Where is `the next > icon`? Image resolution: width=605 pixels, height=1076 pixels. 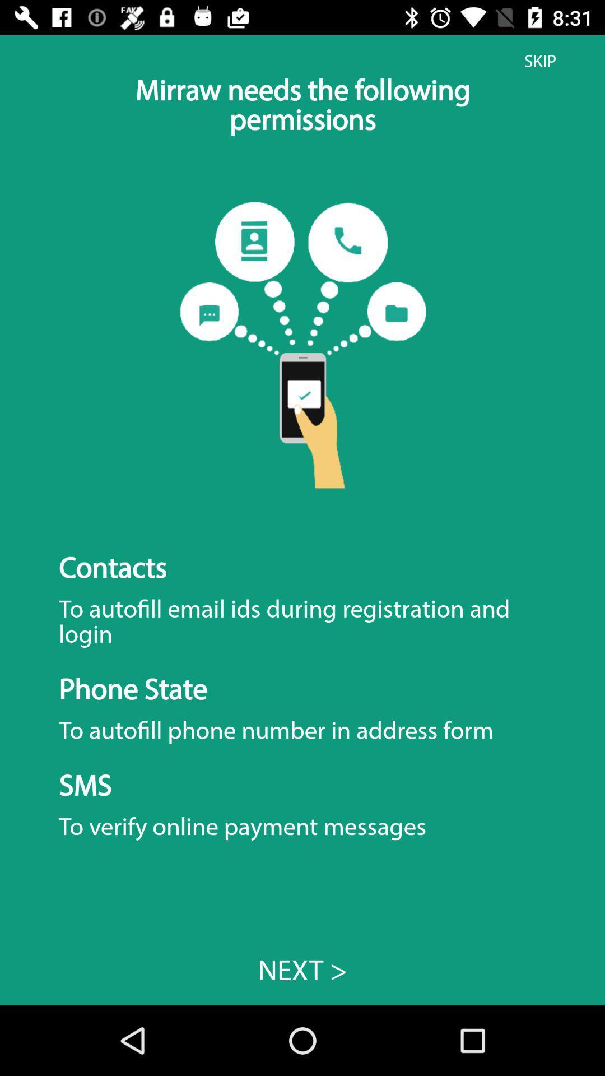
the next > icon is located at coordinates (302, 970).